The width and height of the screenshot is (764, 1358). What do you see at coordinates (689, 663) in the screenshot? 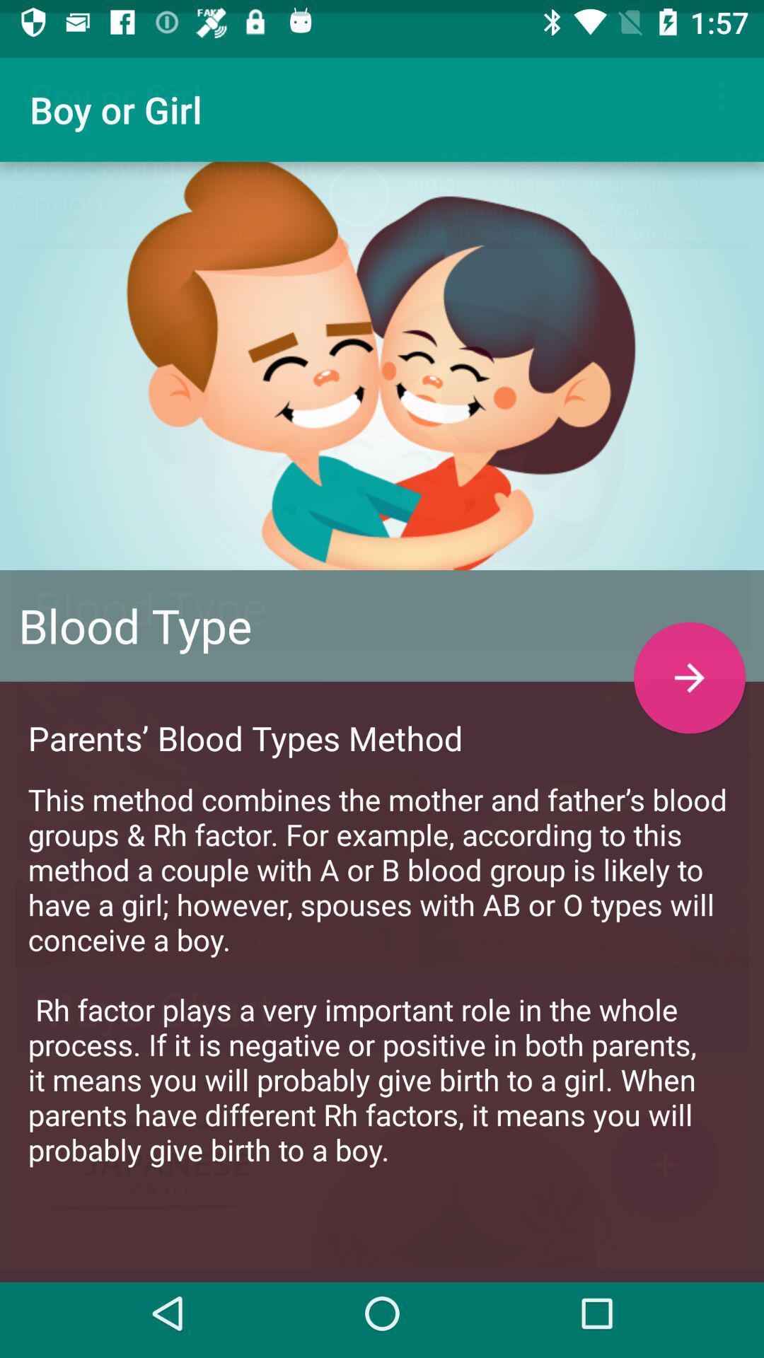
I see `app next to the parents blood types item` at bounding box center [689, 663].